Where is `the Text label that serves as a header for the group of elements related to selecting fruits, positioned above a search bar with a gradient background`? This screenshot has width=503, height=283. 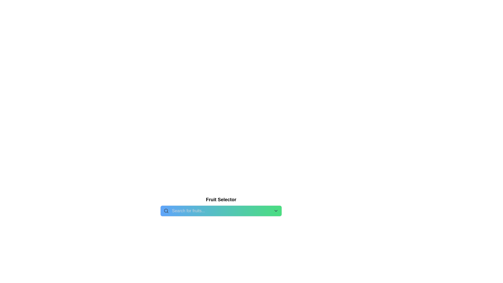
the Text label that serves as a header for the group of elements related to selecting fruits, positioned above a search bar with a gradient background is located at coordinates (221, 200).